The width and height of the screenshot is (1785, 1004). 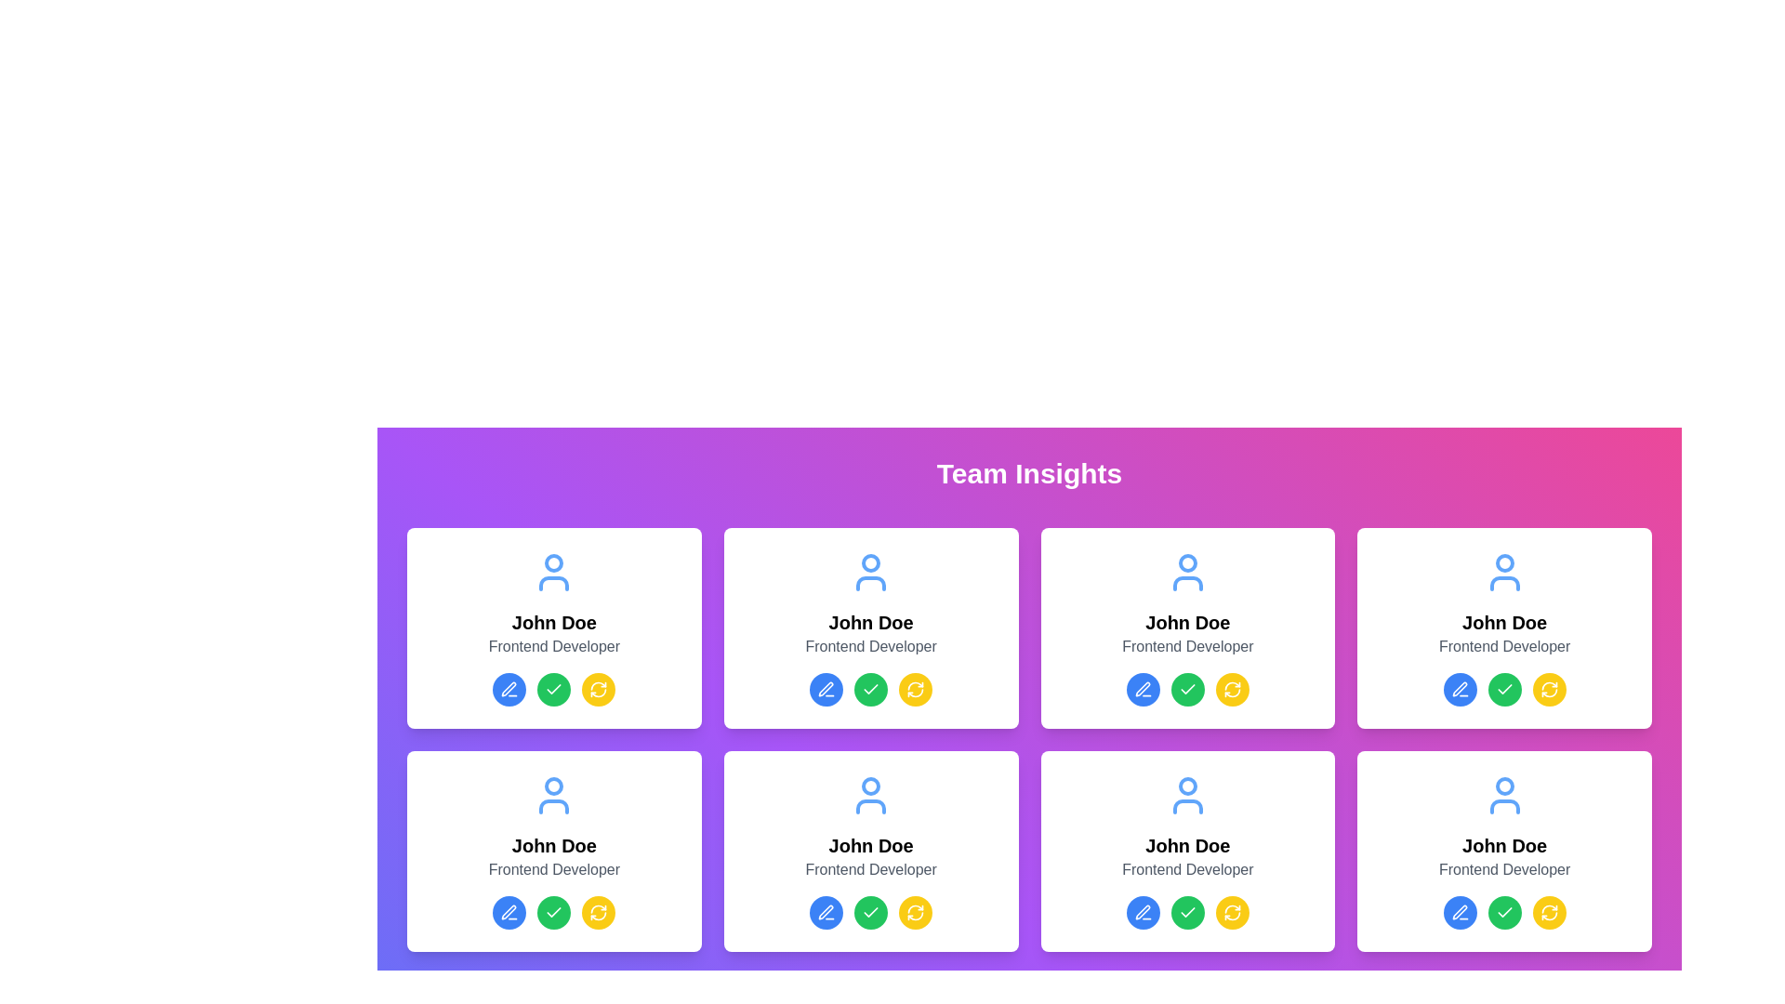 I want to click on the text label 'John Doe' which is displayed in bold black font, located in the second row, first column of the user cards grid, so click(x=553, y=846).